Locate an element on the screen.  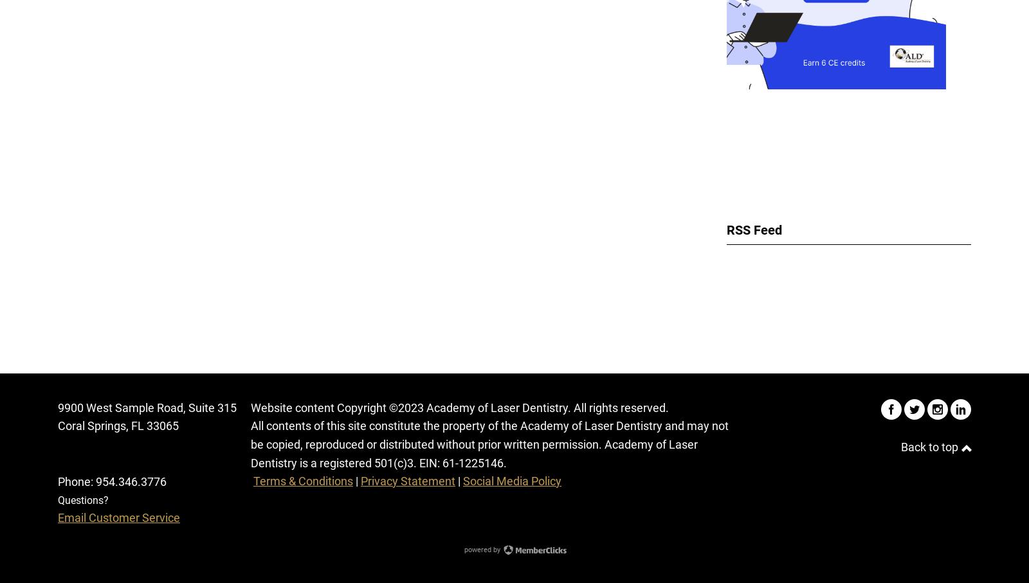
'RSS Feed' is located at coordinates (754, 228).